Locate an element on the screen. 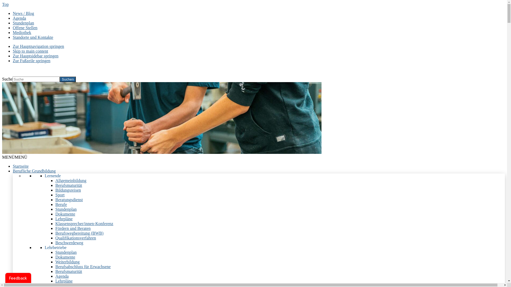 The image size is (511, 287). 'Qualifikationsverfahren' is located at coordinates (75, 238).